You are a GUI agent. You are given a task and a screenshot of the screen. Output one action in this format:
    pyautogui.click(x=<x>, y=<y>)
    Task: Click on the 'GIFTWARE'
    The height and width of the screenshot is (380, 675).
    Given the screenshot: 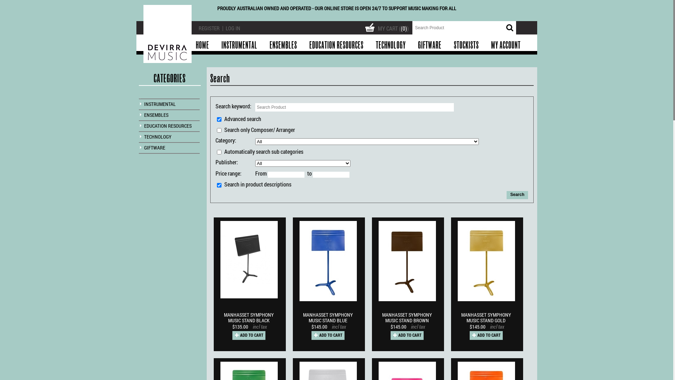 What is the action you would take?
    pyautogui.click(x=154, y=147)
    